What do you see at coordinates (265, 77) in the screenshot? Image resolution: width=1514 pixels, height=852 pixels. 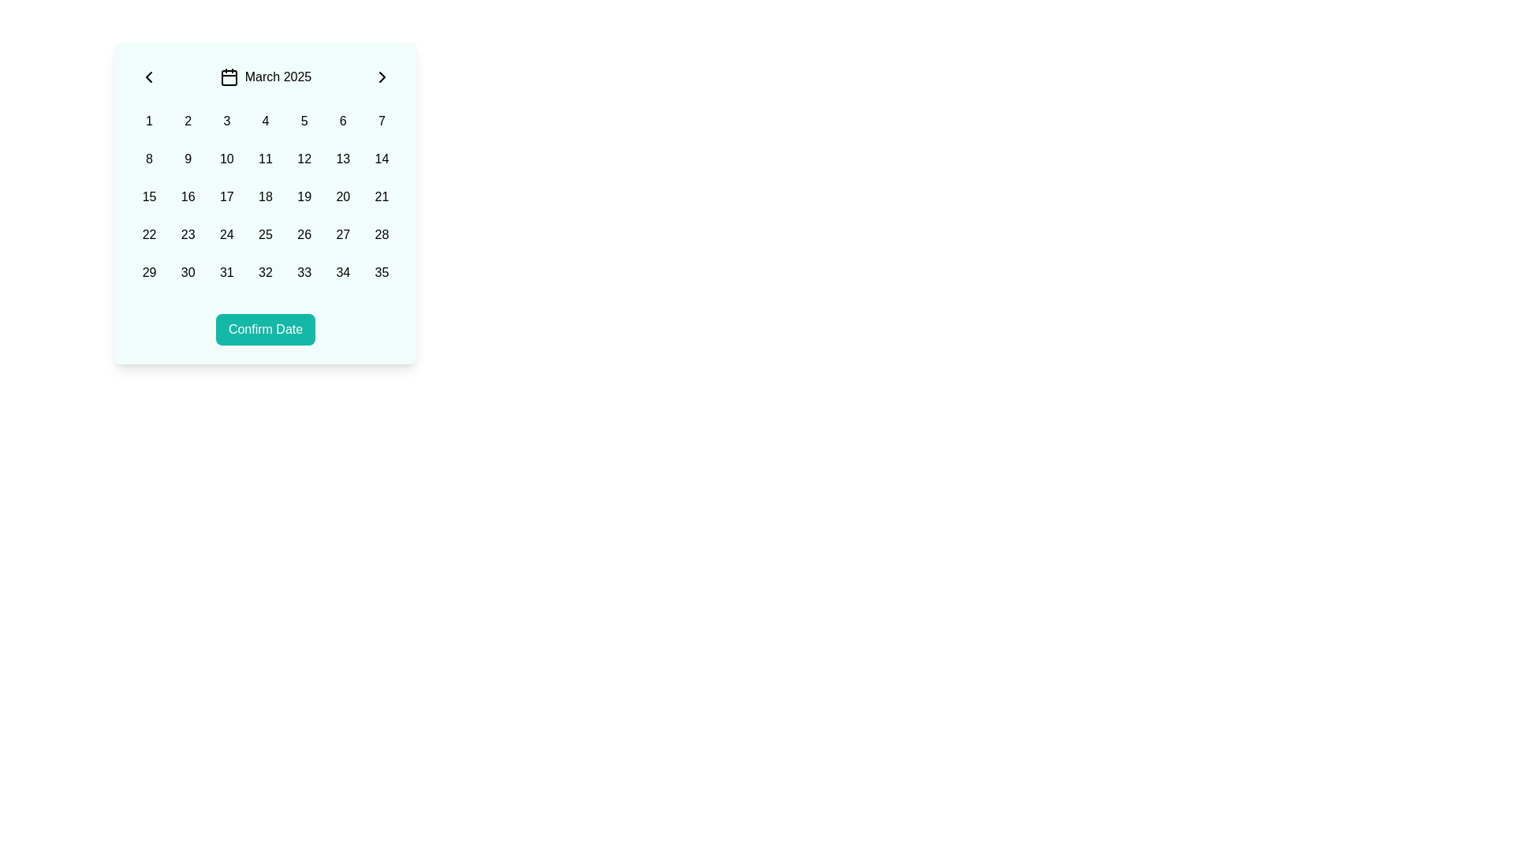 I see `the static text label displaying 'March 2025' in the date picker interface, which is centrally aligned and flanked by navigation chevrons` at bounding box center [265, 77].